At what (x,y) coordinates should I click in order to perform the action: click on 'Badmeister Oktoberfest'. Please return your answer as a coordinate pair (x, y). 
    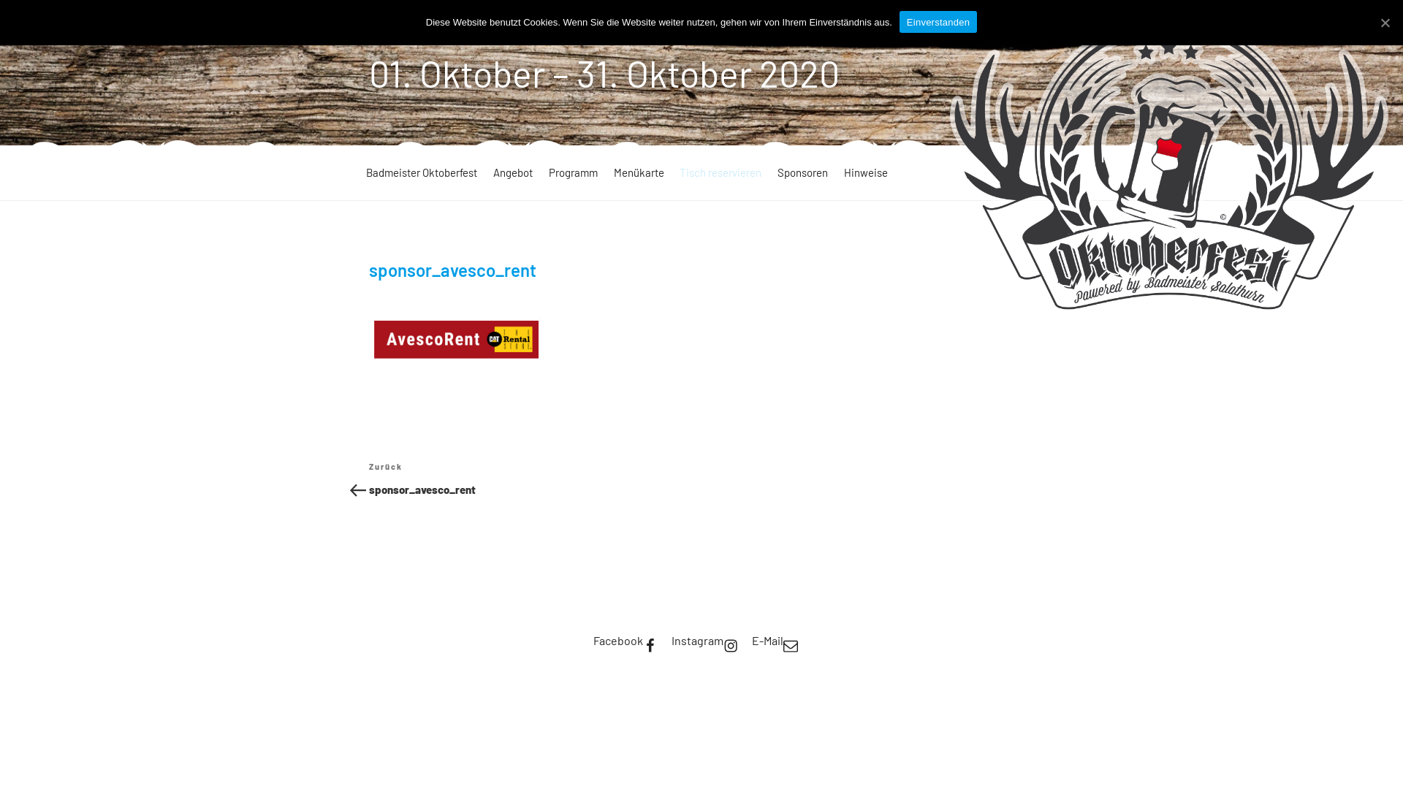
    Looking at the image, I should click on (419, 172).